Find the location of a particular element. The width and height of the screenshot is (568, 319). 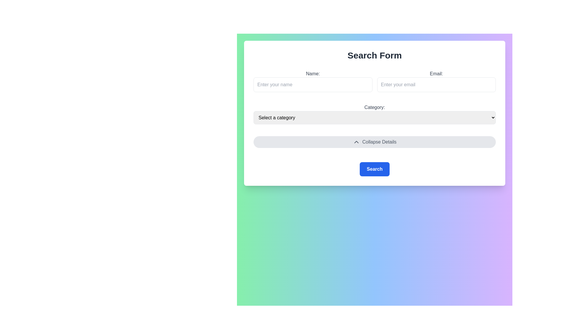

the text label indicating the user's name input field, which is positioned directly above the input field in the upper-left part of the form section is located at coordinates (312, 74).